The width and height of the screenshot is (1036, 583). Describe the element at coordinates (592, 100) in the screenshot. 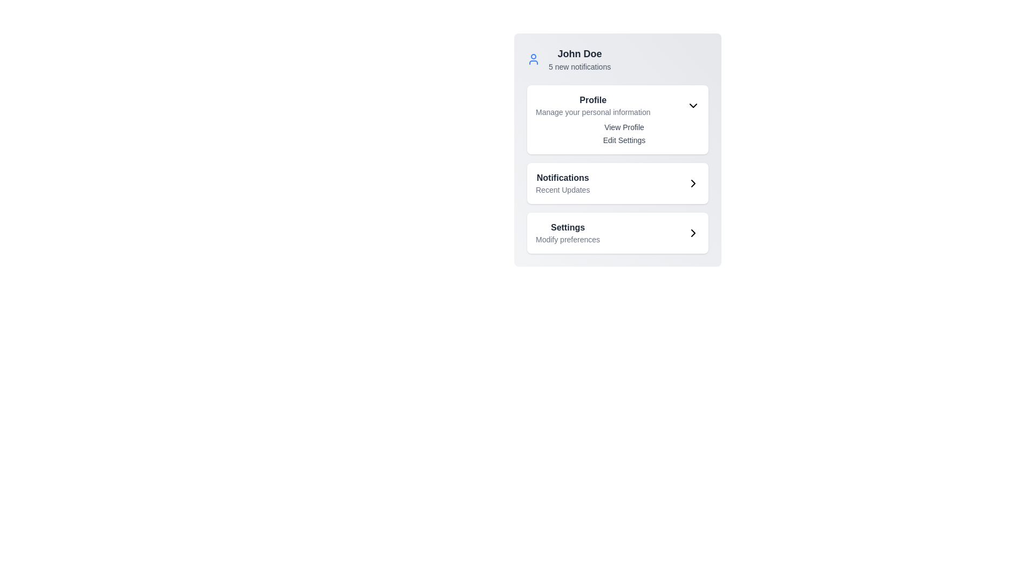

I see `the bold text label reading 'Profile' at the top of the dropdown menu` at that location.